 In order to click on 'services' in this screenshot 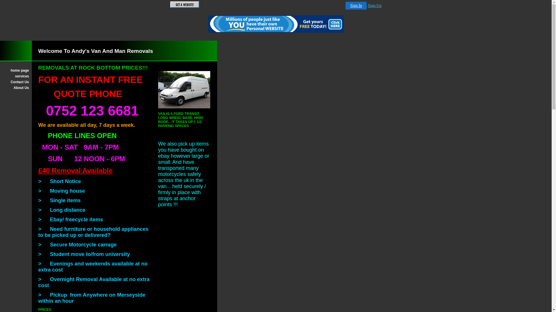, I will do `click(3, 76)`.